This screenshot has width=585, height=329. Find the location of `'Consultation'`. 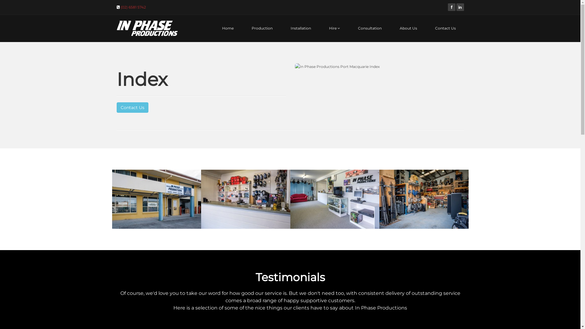

'Consultation' is located at coordinates (354, 28).